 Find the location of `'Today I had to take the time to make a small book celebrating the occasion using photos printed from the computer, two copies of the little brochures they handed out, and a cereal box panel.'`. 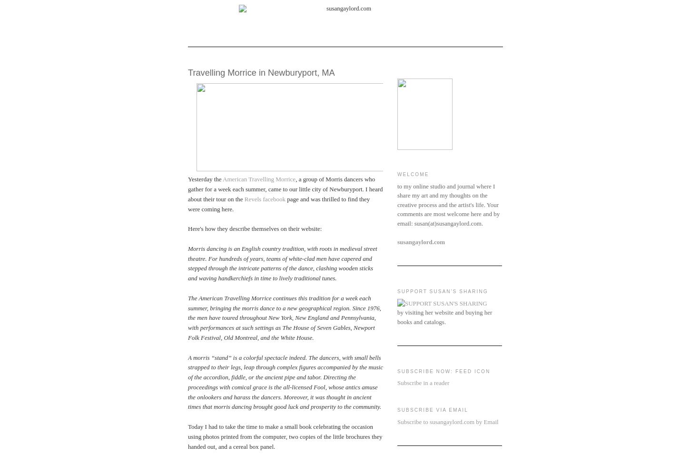

'Today I had to take the time to make a small book celebrating the occasion using photos printed from the computer, two copies of the little brochures they handed out, and a cereal box panel.' is located at coordinates (285, 436).